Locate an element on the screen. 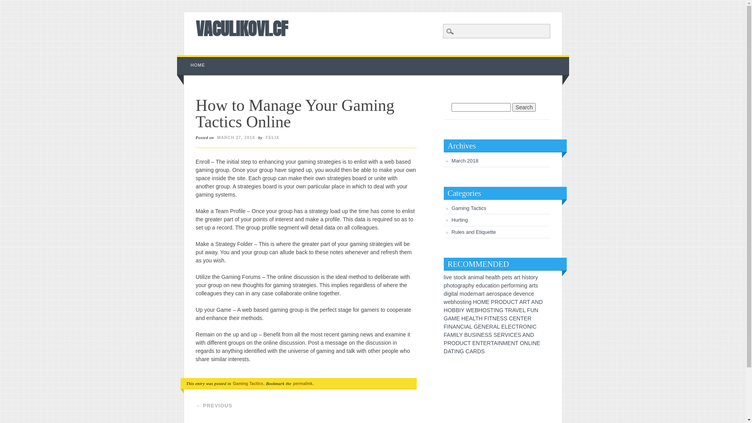 Image resolution: width=752 pixels, height=423 pixels. 'Rules and Etiquette' is located at coordinates (473, 231).